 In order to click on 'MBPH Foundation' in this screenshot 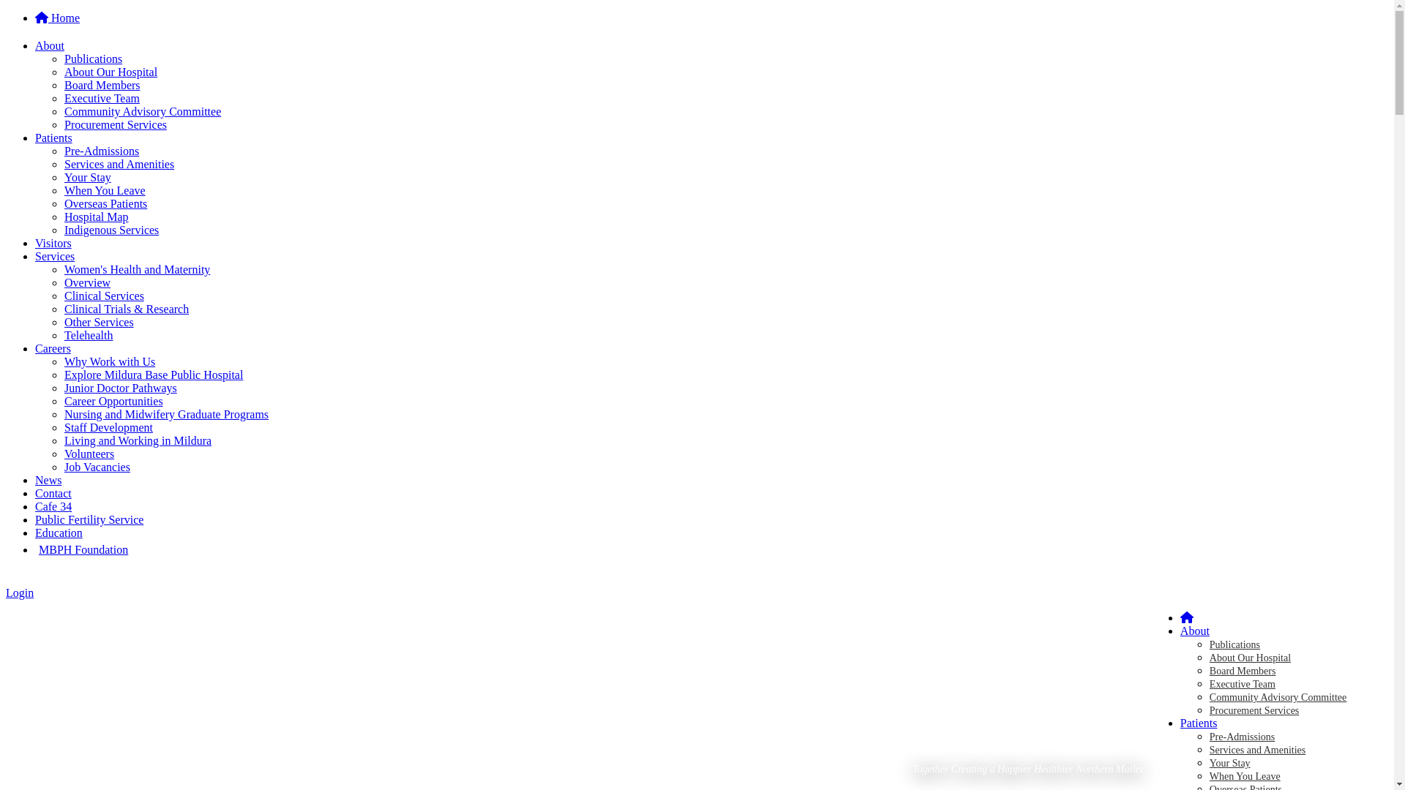, I will do `click(83, 549)`.